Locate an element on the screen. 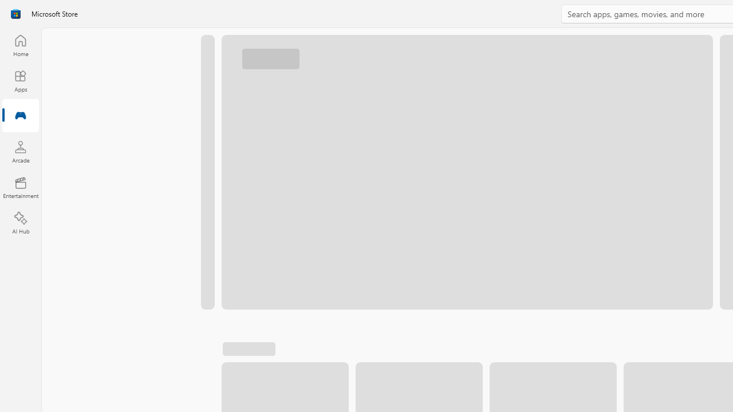  'Arcade' is located at coordinates (20, 151).